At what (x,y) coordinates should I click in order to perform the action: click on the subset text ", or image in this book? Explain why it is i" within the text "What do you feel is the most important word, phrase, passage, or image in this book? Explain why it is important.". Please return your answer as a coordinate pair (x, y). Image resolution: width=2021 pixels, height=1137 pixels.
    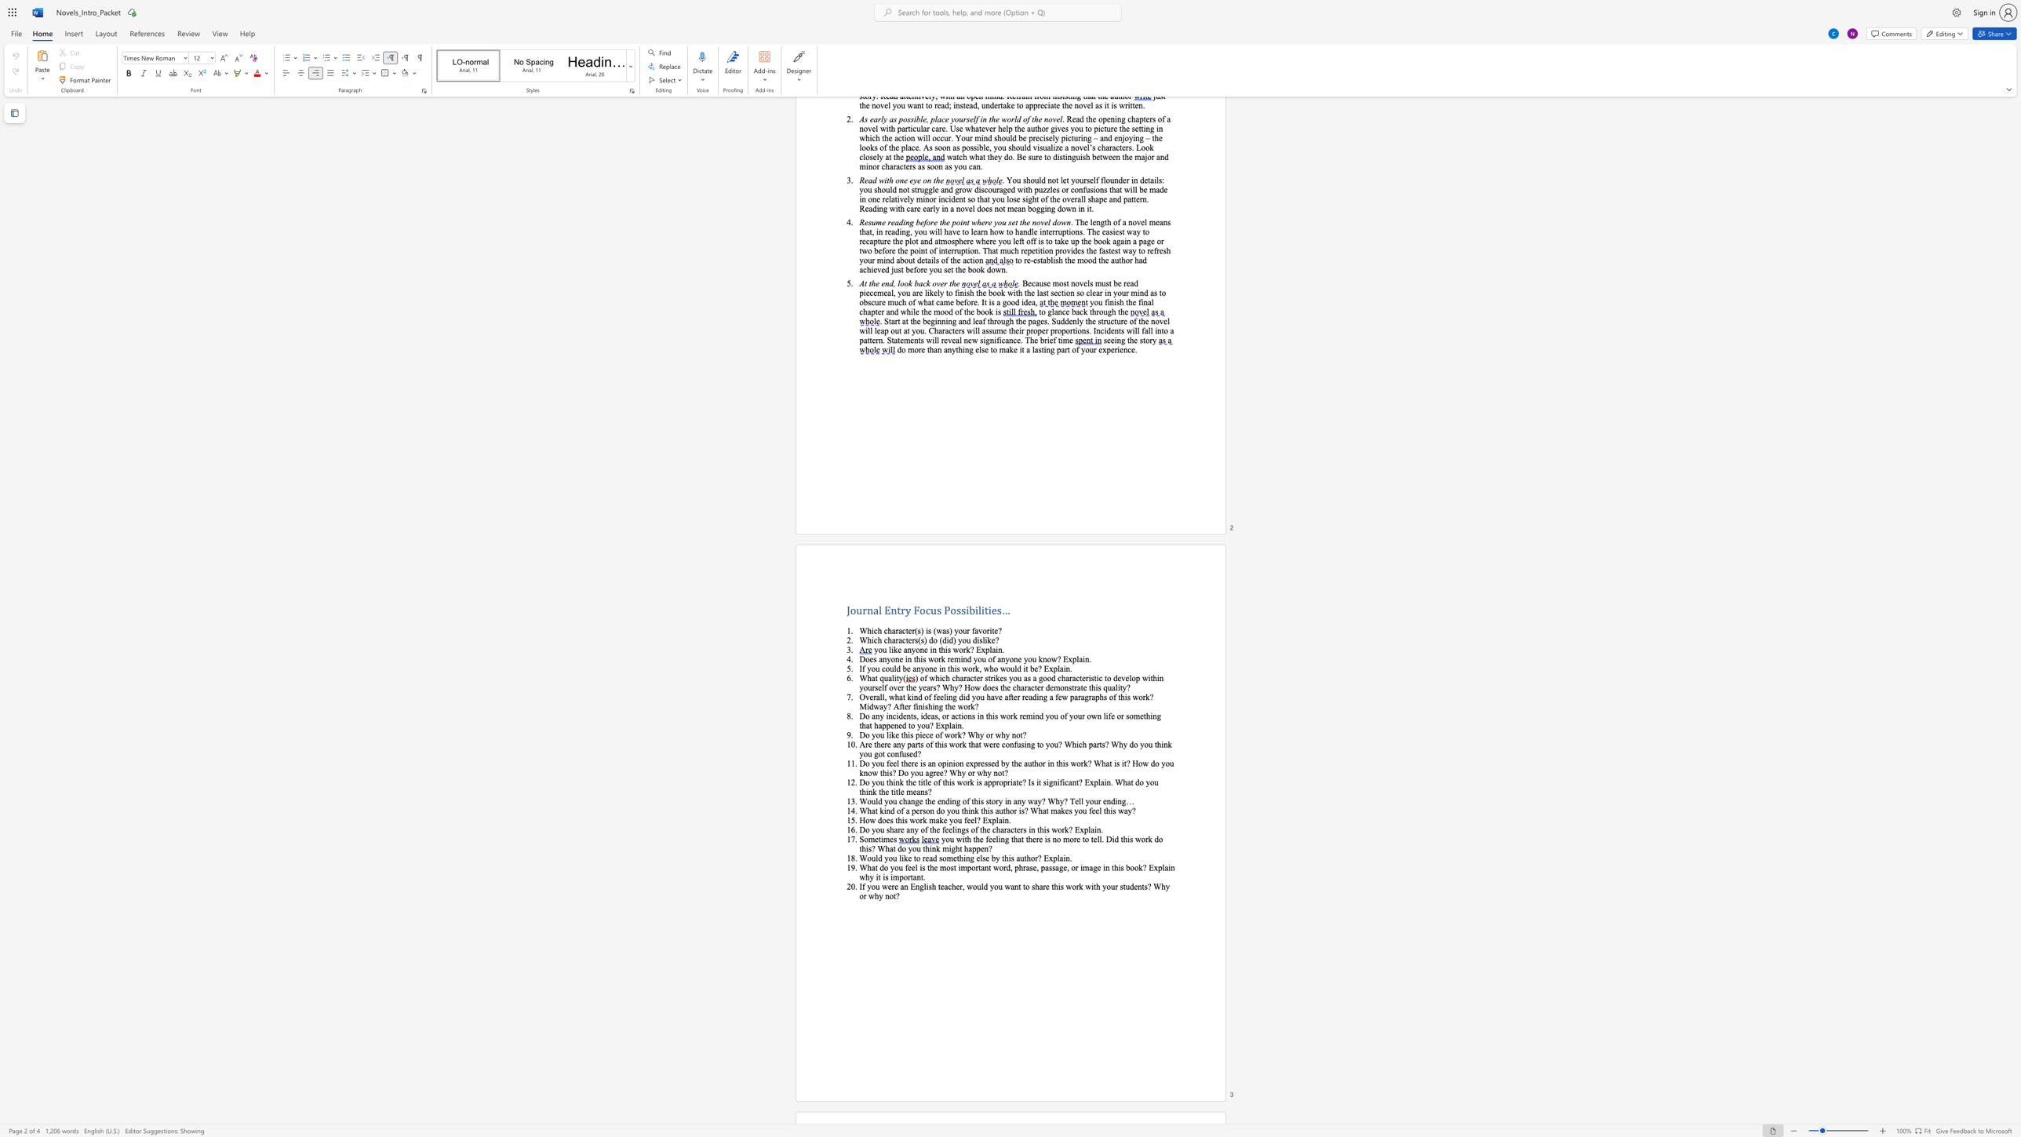
    Looking at the image, I should click on (1065, 866).